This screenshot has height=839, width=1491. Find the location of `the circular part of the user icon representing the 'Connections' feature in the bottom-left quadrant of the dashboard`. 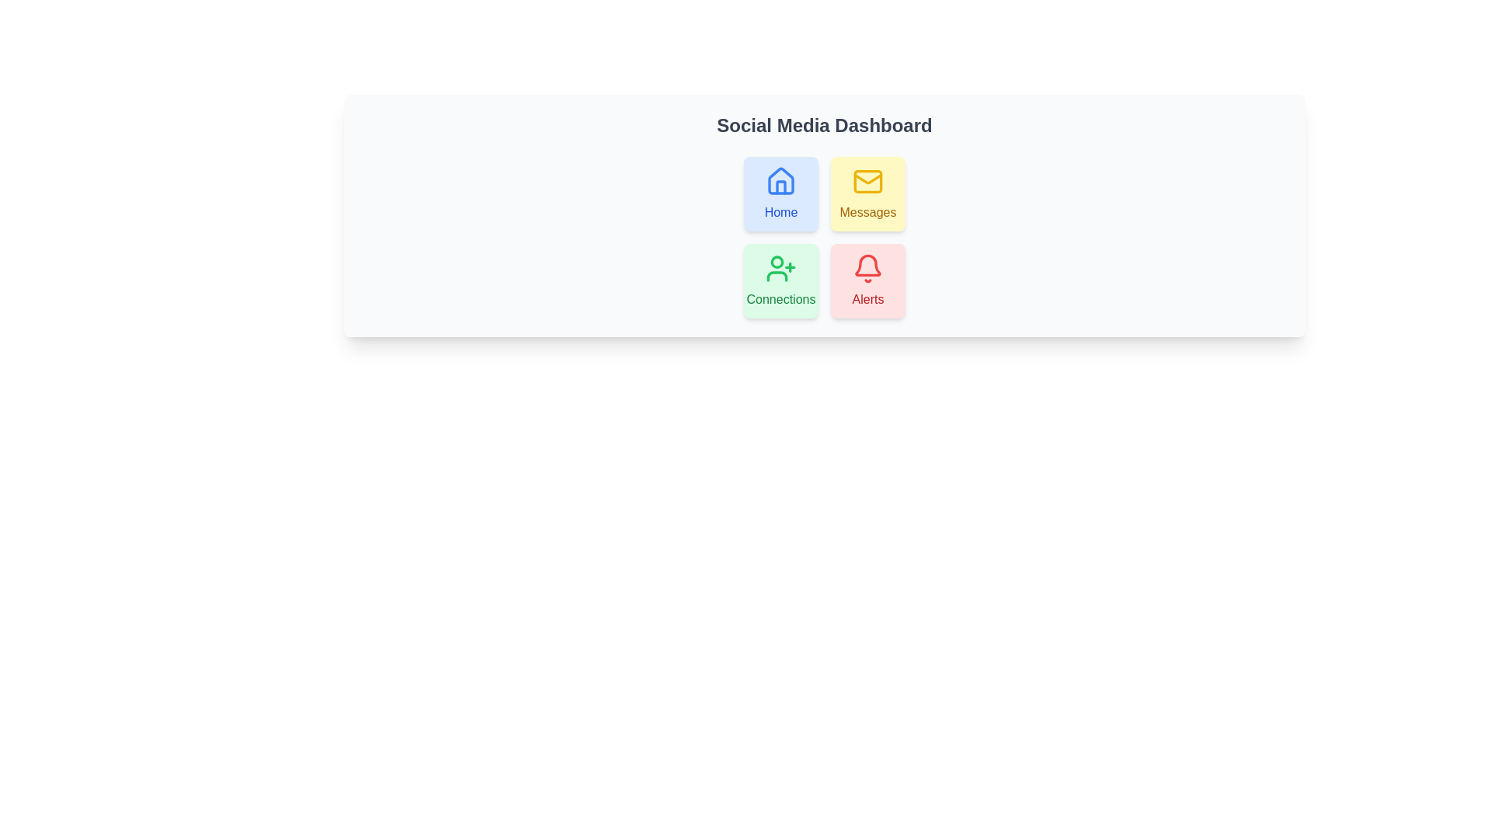

the circular part of the user icon representing the 'Connections' feature in the bottom-left quadrant of the dashboard is located at coordinates (777, 260).